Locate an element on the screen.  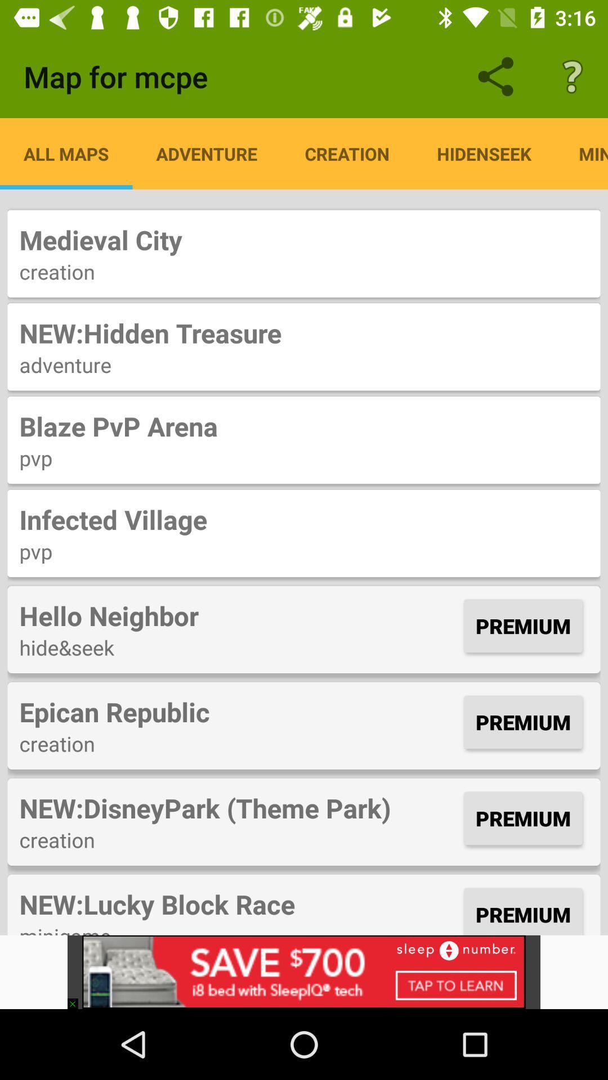
the blaze pvp arena item is located at coordinates (304, 425).